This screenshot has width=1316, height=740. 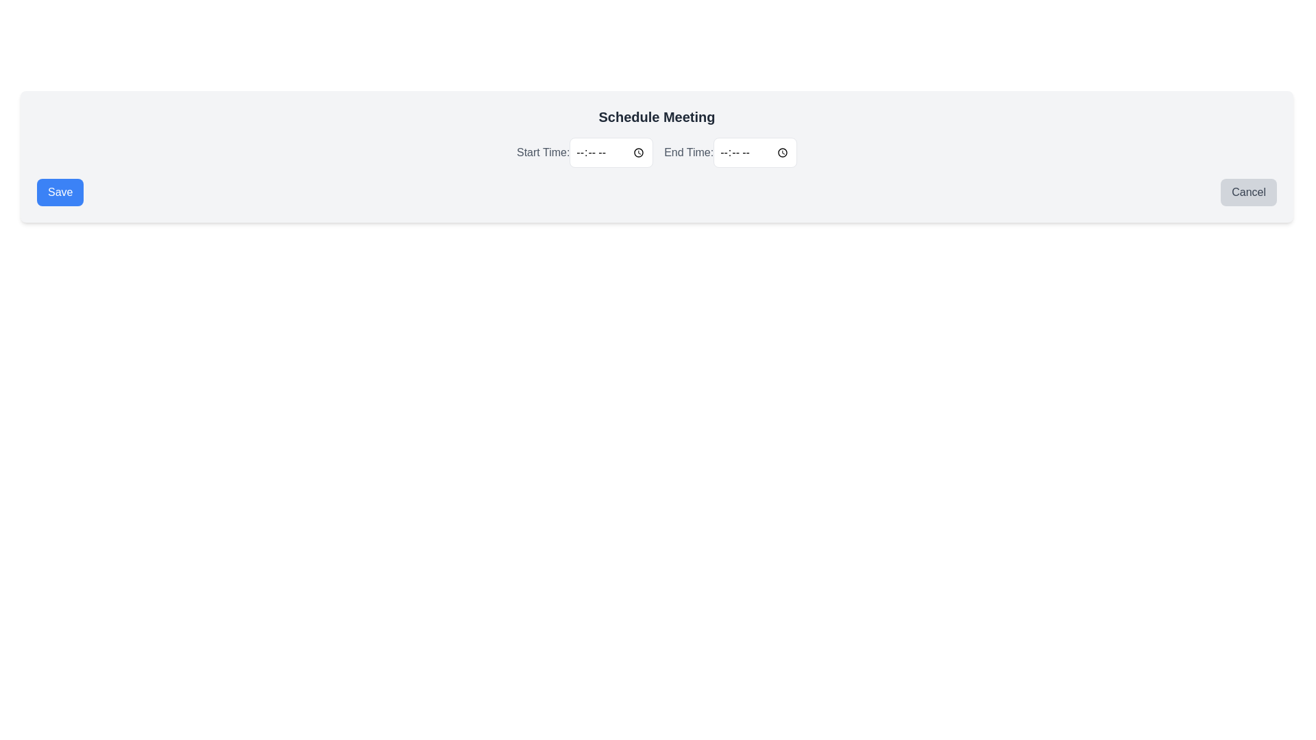 I want to click on the labeled time input field with the label 'End Time:' to potentially reveal tooltips or highlights, so click(x=729, y=153).